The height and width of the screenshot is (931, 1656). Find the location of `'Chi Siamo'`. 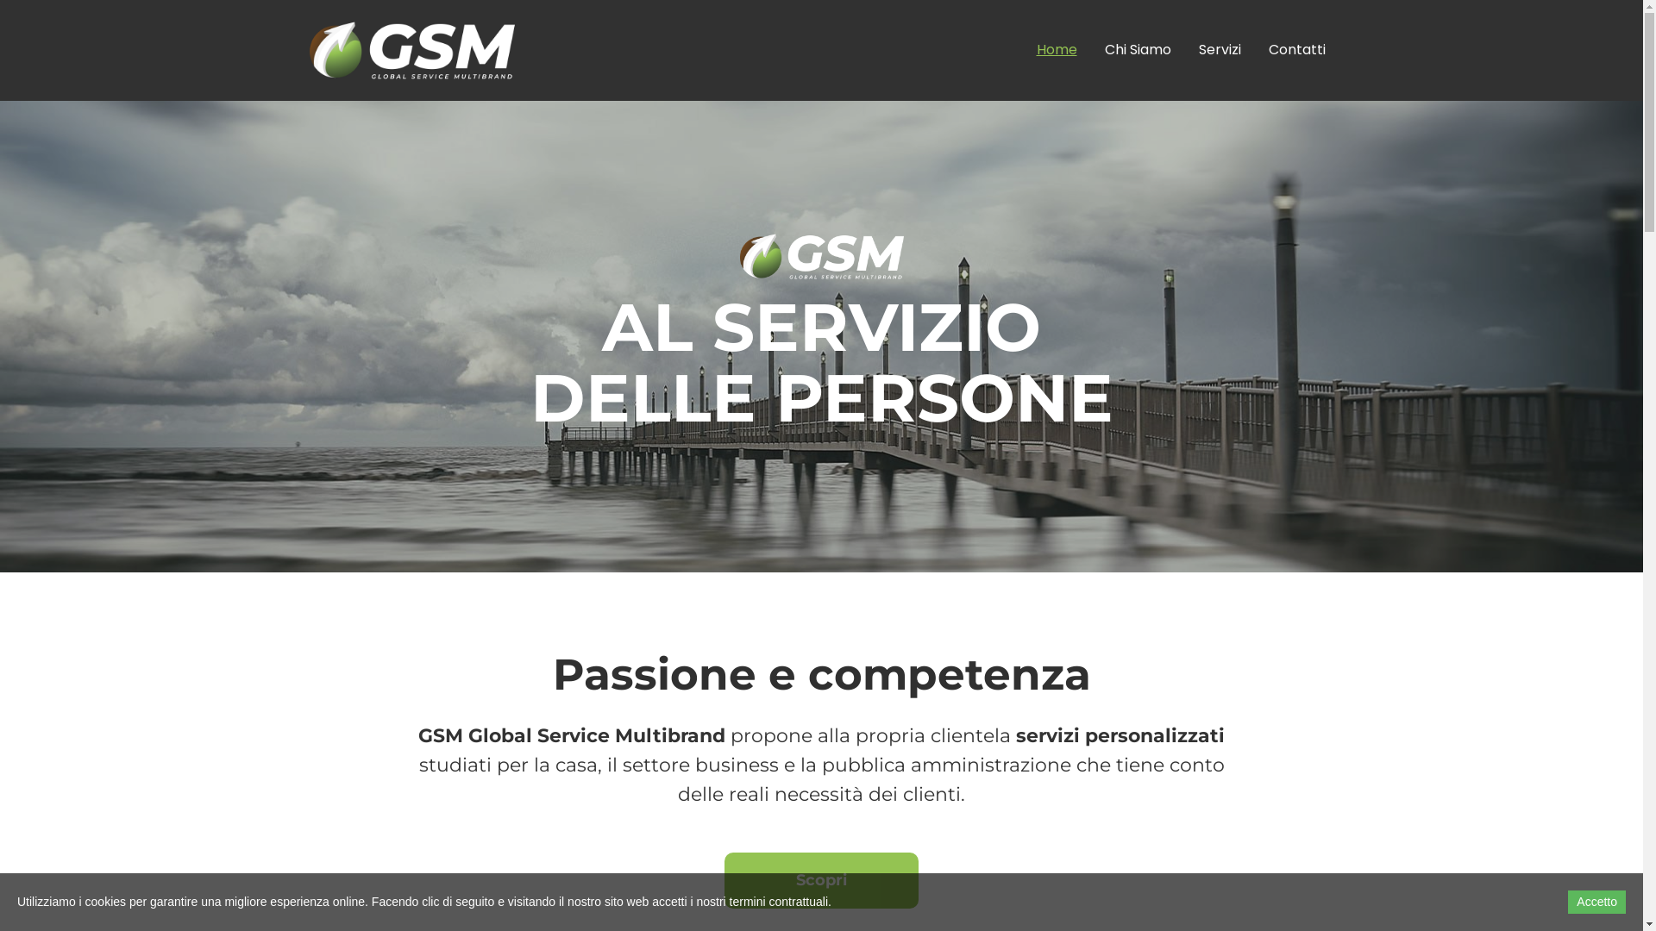

'Chi Siamo' is located at coordinates (1137, 48).